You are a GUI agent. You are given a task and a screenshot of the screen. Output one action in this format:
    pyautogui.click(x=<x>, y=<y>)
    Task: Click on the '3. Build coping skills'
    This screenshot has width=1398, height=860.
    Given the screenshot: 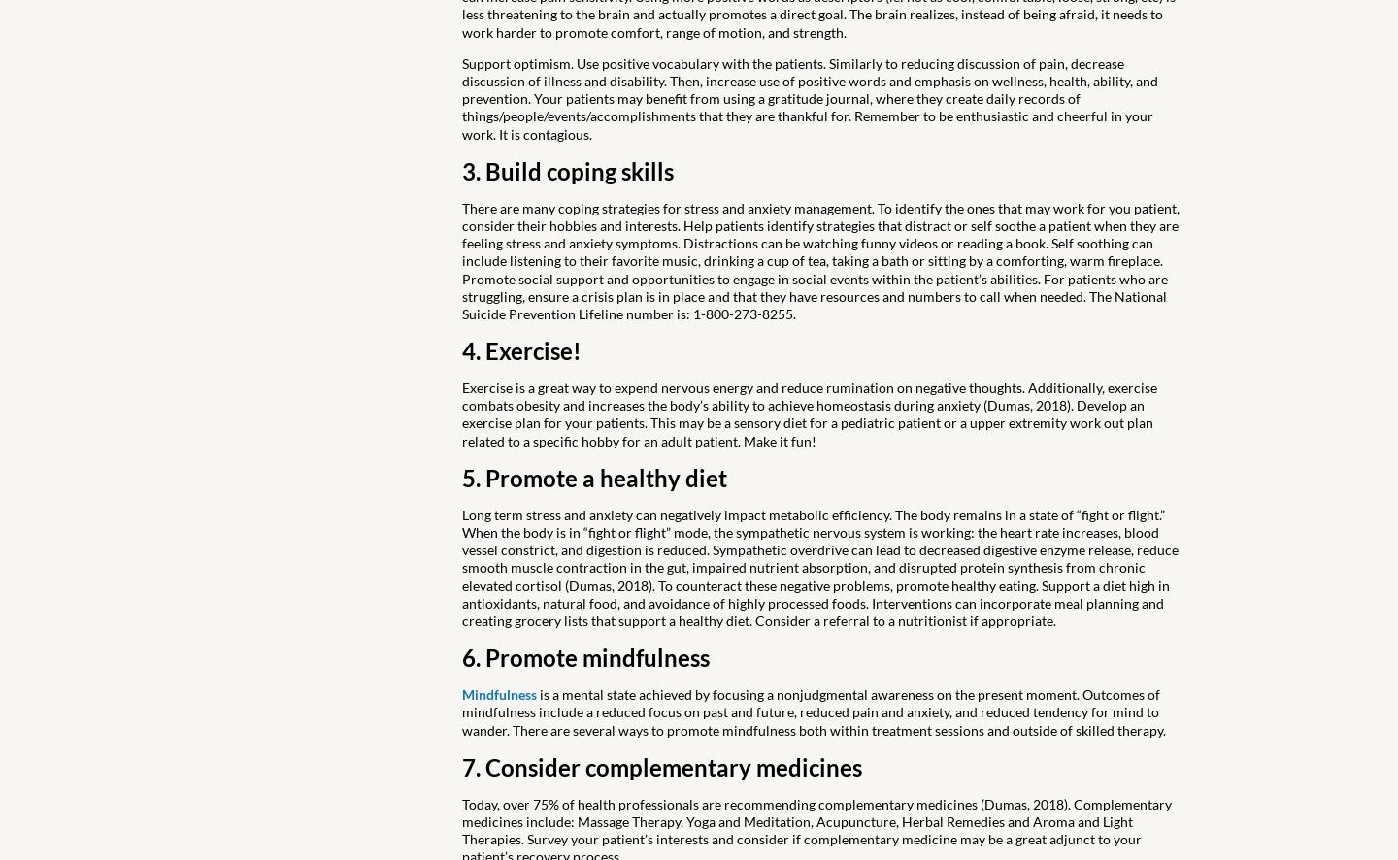 What is the action you would take?
    pyautogui.click(x=567, y=169)
    